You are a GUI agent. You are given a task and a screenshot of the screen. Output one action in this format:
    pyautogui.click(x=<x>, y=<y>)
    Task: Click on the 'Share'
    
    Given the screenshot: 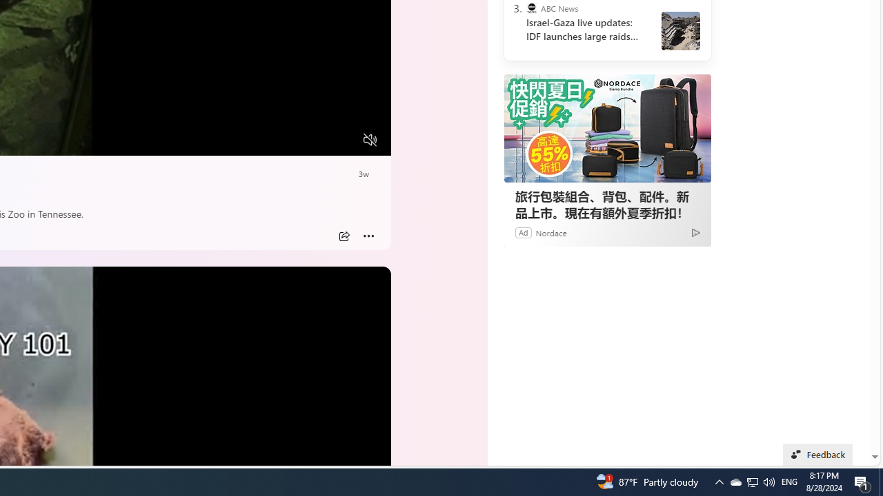 What is the action you would take?
    pyautogui.click(x=344, y=236)
    